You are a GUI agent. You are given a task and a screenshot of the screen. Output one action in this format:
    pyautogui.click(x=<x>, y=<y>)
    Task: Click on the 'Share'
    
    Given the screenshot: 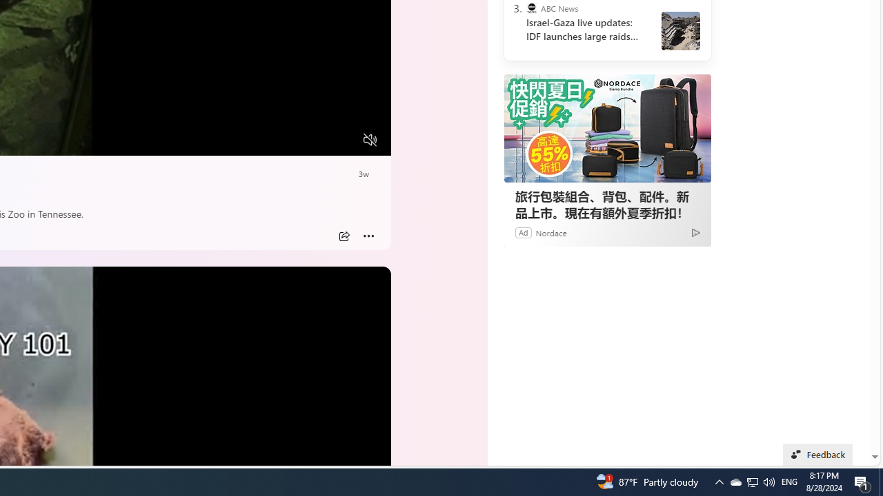 What is the action you would take?
    pyautogui.click(x=344, y=236)
    